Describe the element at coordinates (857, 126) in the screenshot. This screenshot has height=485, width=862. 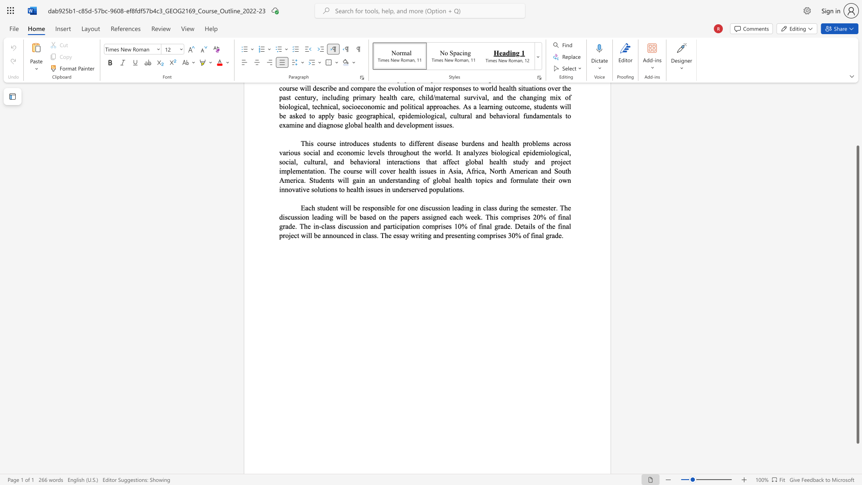
I see `the scrollbar on the right` at that location.